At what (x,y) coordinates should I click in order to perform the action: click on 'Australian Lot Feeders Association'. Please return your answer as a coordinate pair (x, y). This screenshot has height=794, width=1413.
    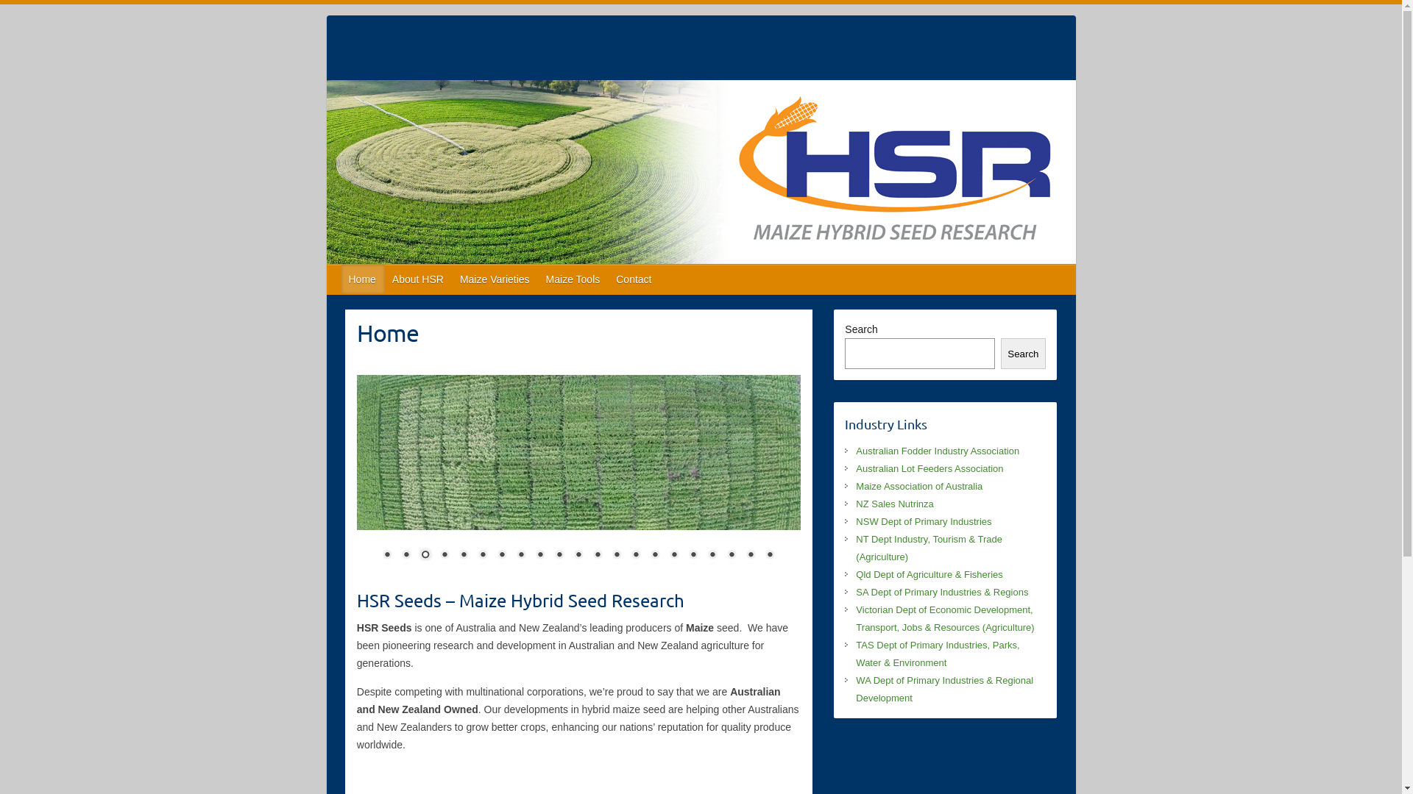
    Looking at the image, I should click on (928, 468).